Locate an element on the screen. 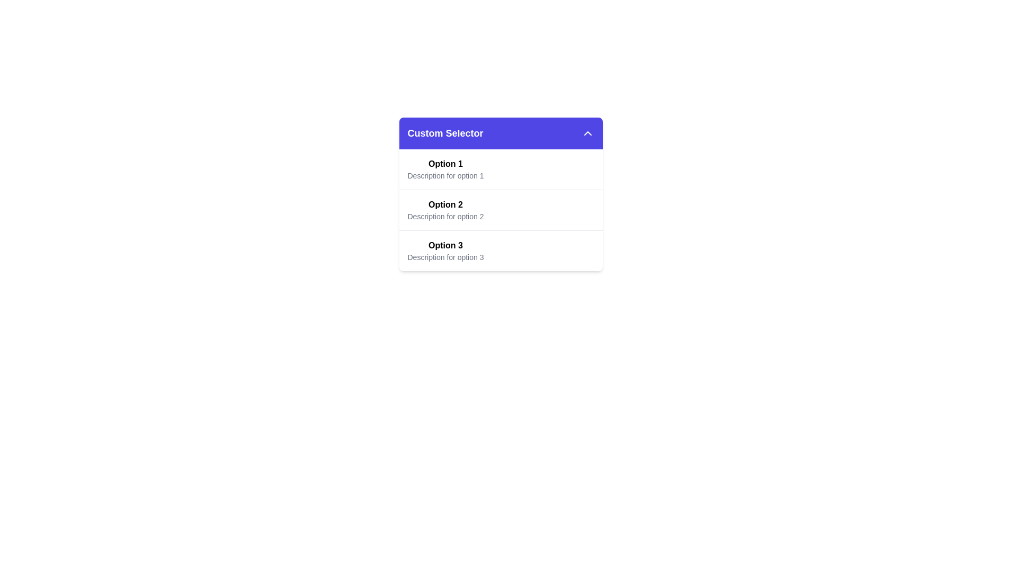 Image resolution: width=1017 pixels, height=572 pixels. the second option in the 'Custom Selector' dropdown menu is located at coordinates (500, 194).